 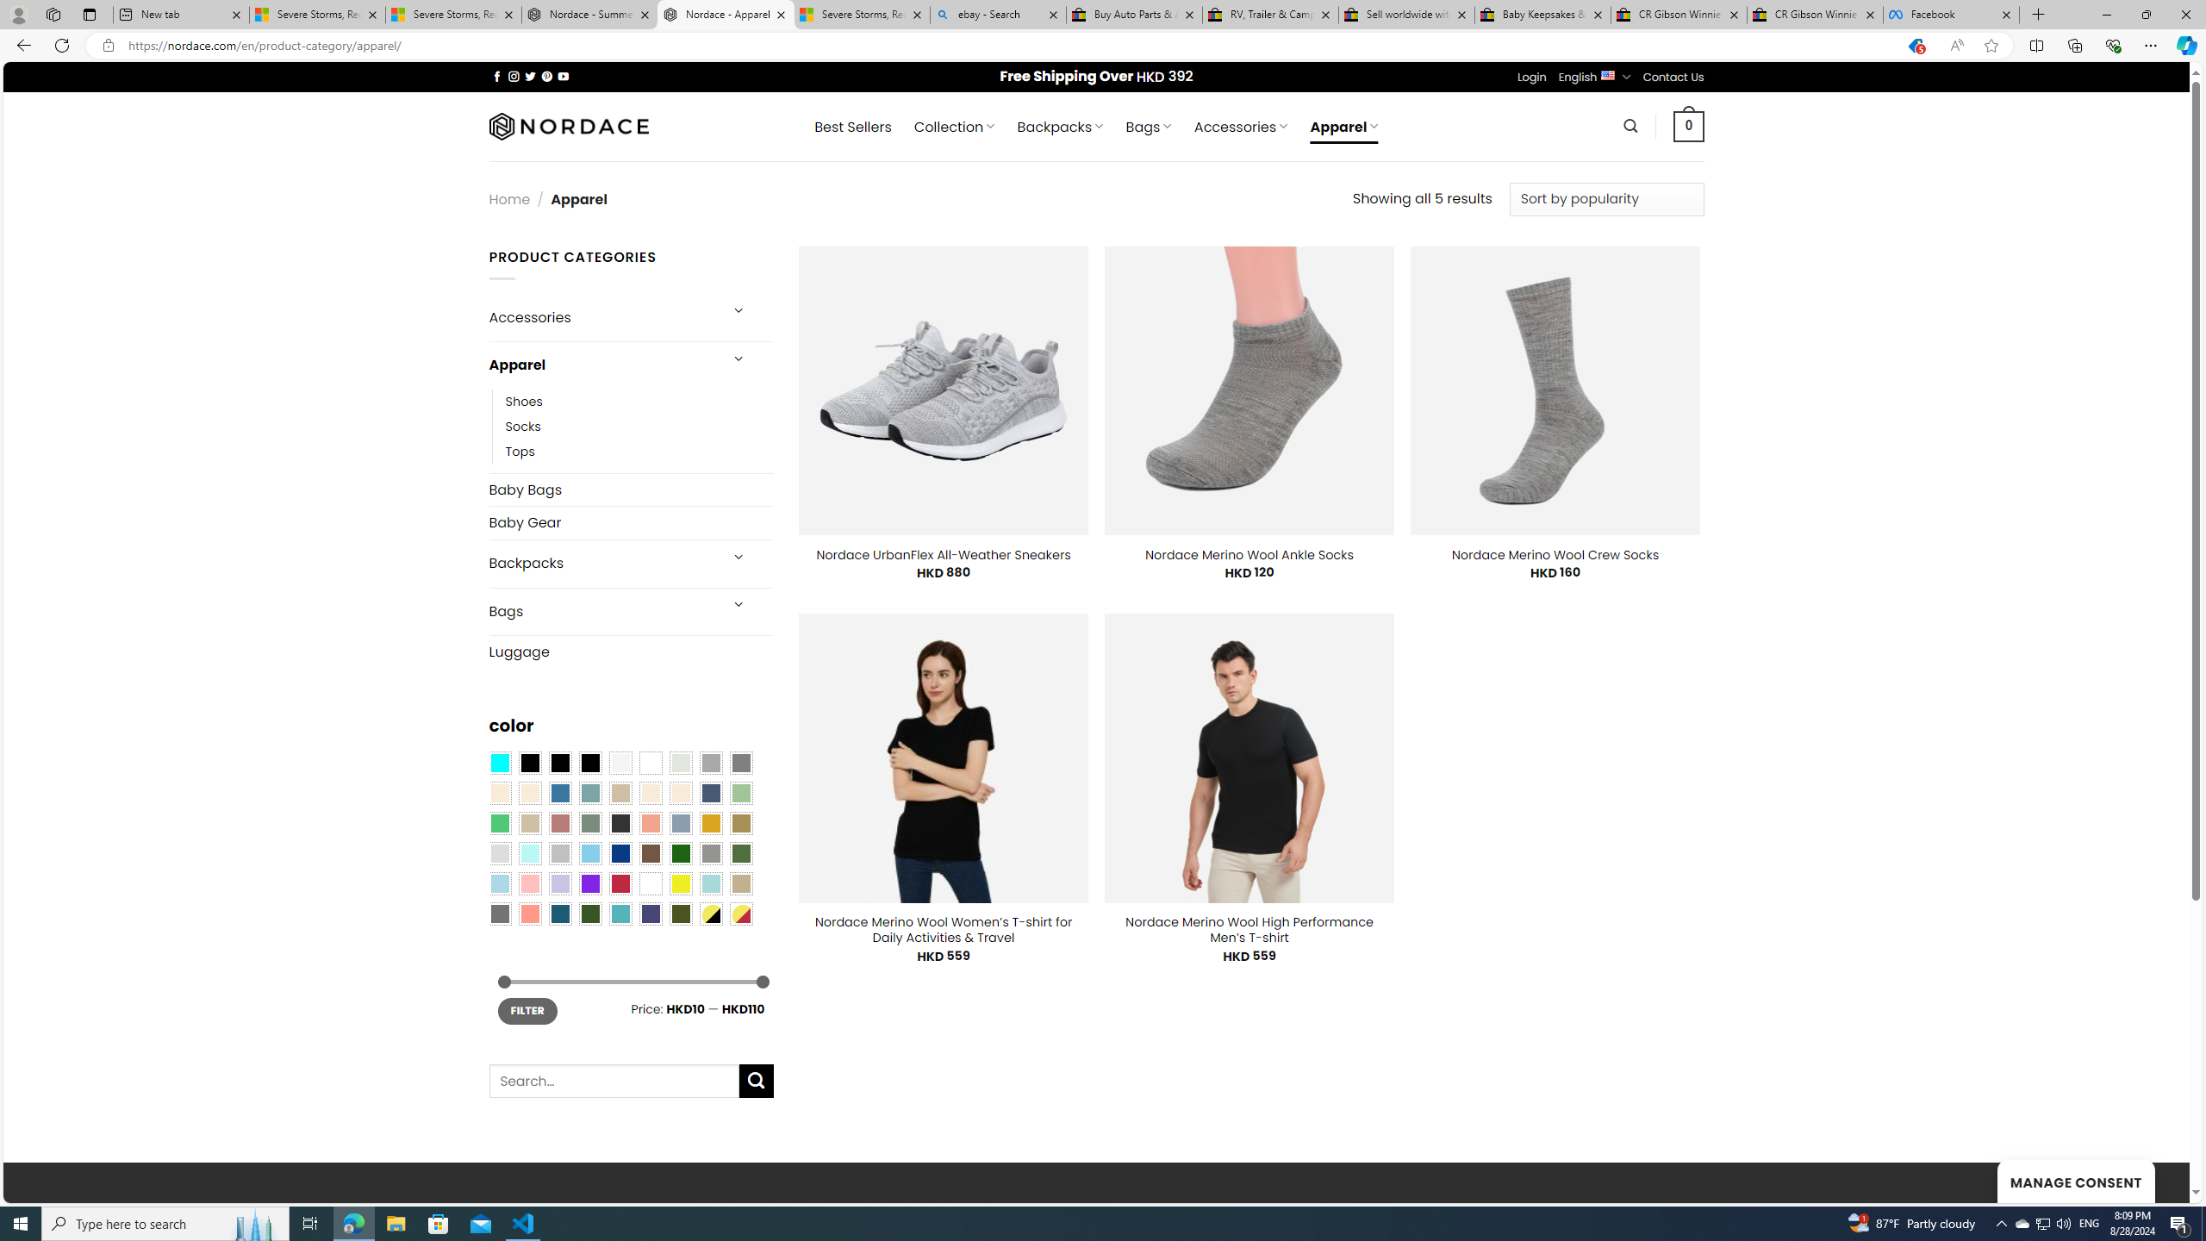 I want to click on 'Backpacks', so click(x=601, y=564).